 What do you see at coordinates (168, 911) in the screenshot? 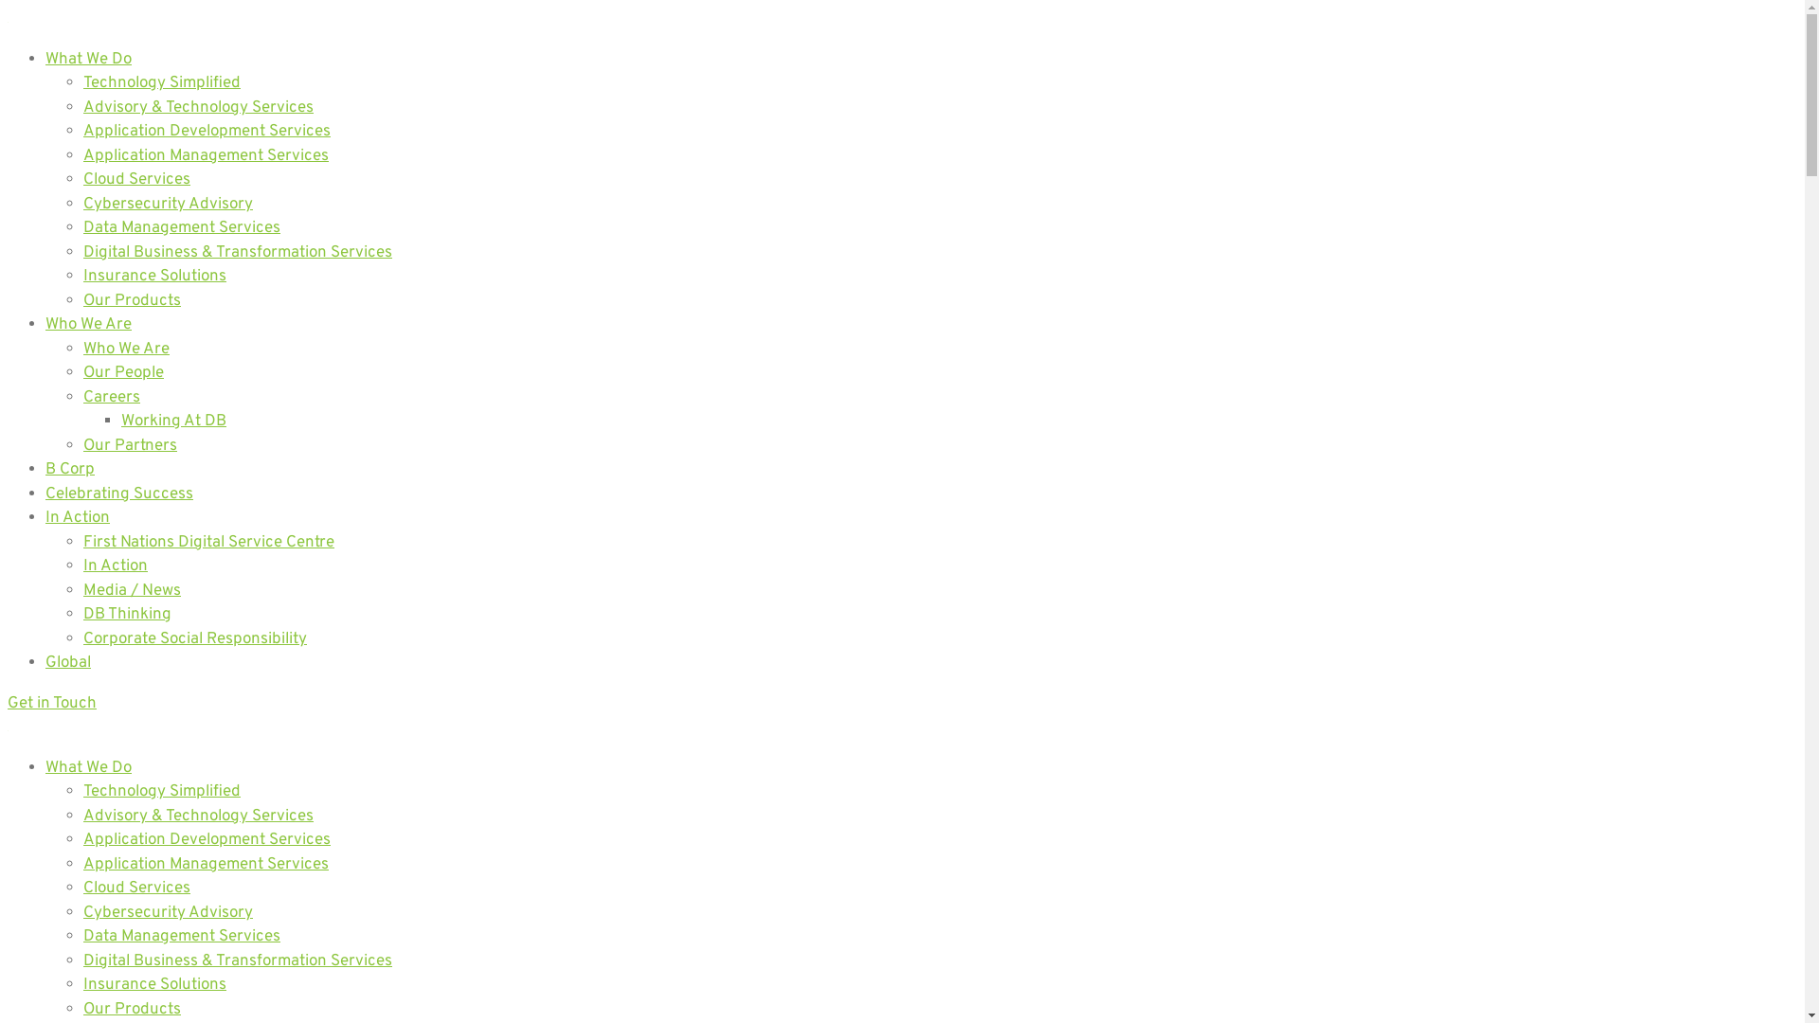
I see `'Cybersecurity Advisory'` at bounding box center [168, 911].